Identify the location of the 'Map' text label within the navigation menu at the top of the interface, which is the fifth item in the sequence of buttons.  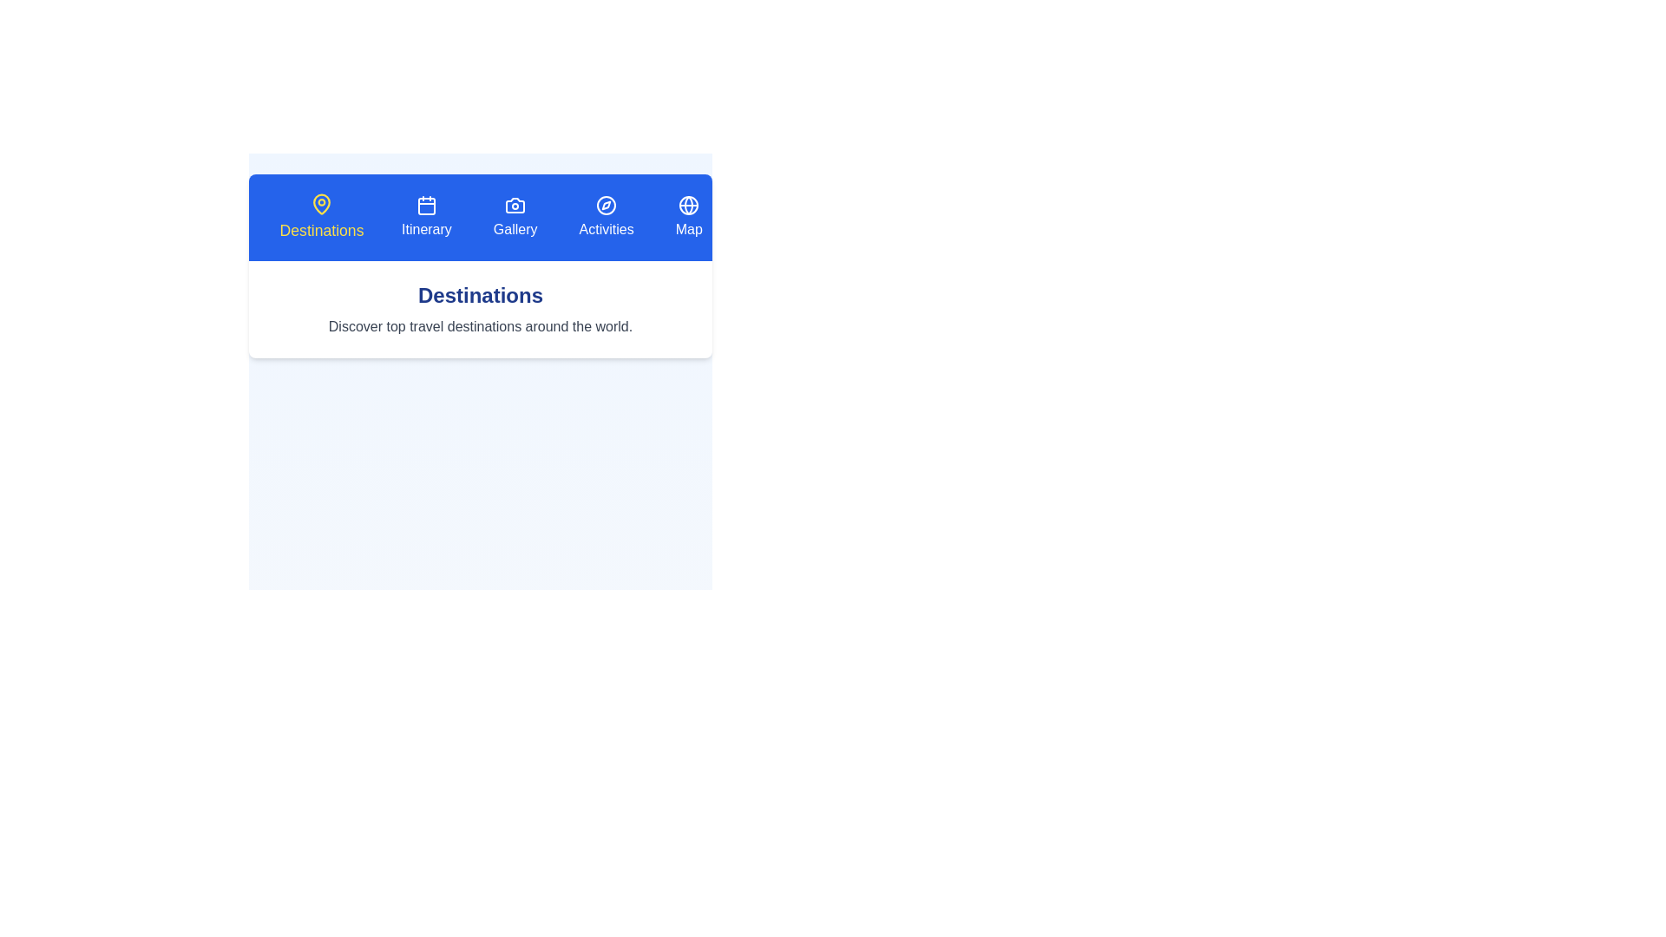
(688, 229).